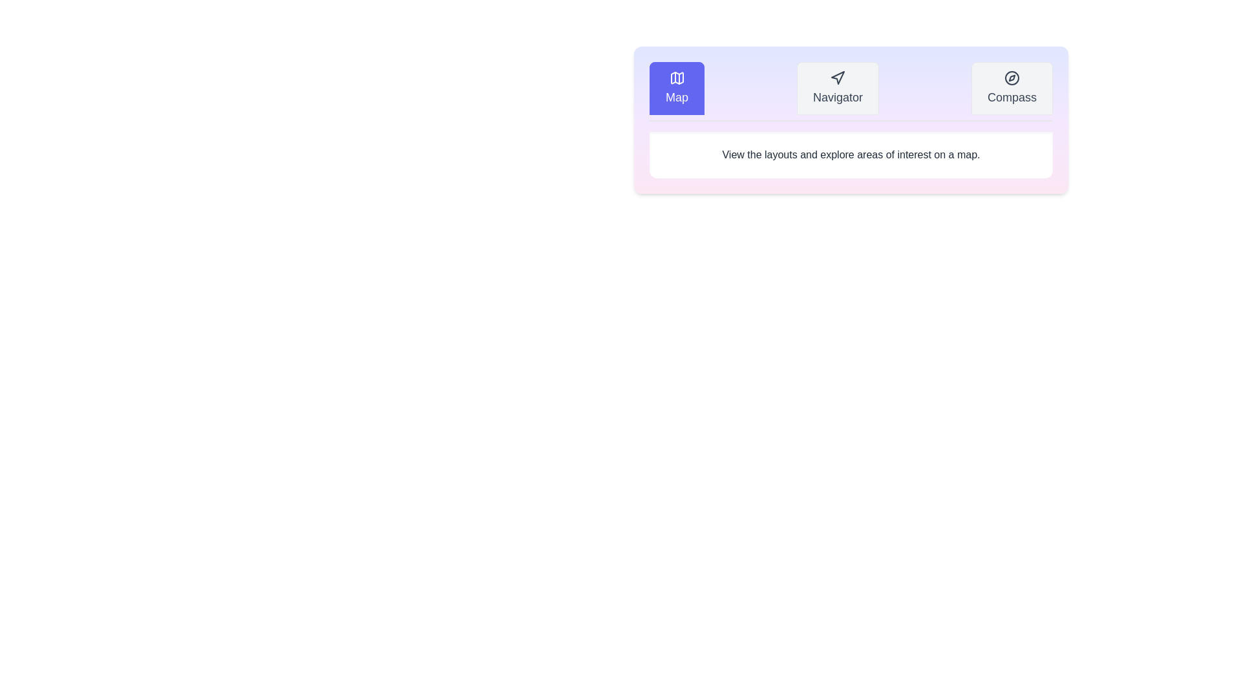  What do you see at coordinates (1011, 88) in the screenshot?
I see `the Compass tab by clicking on it` at bounding box center [1011, 88].